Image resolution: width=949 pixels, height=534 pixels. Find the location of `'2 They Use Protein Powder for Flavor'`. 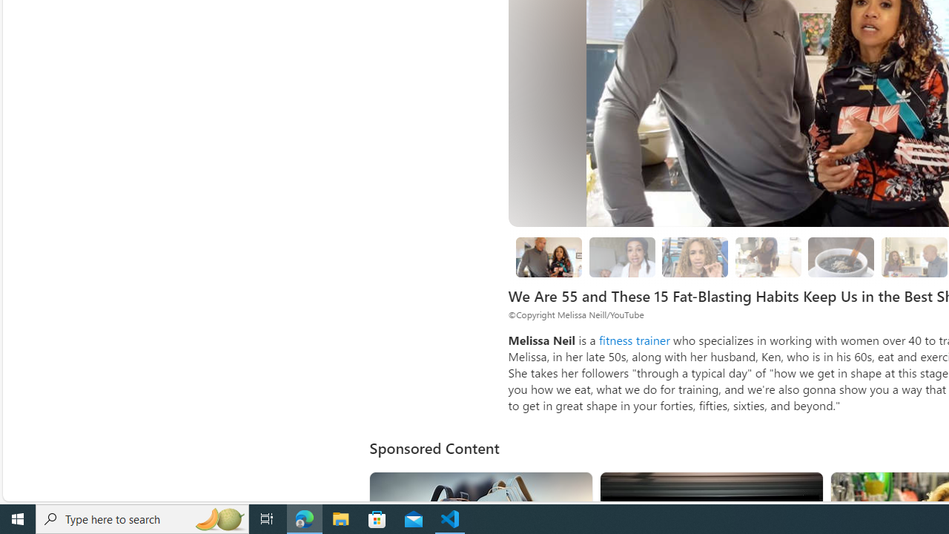

'2 They Use Protein Powder for Flavor' is located at coordinates (695, 256).